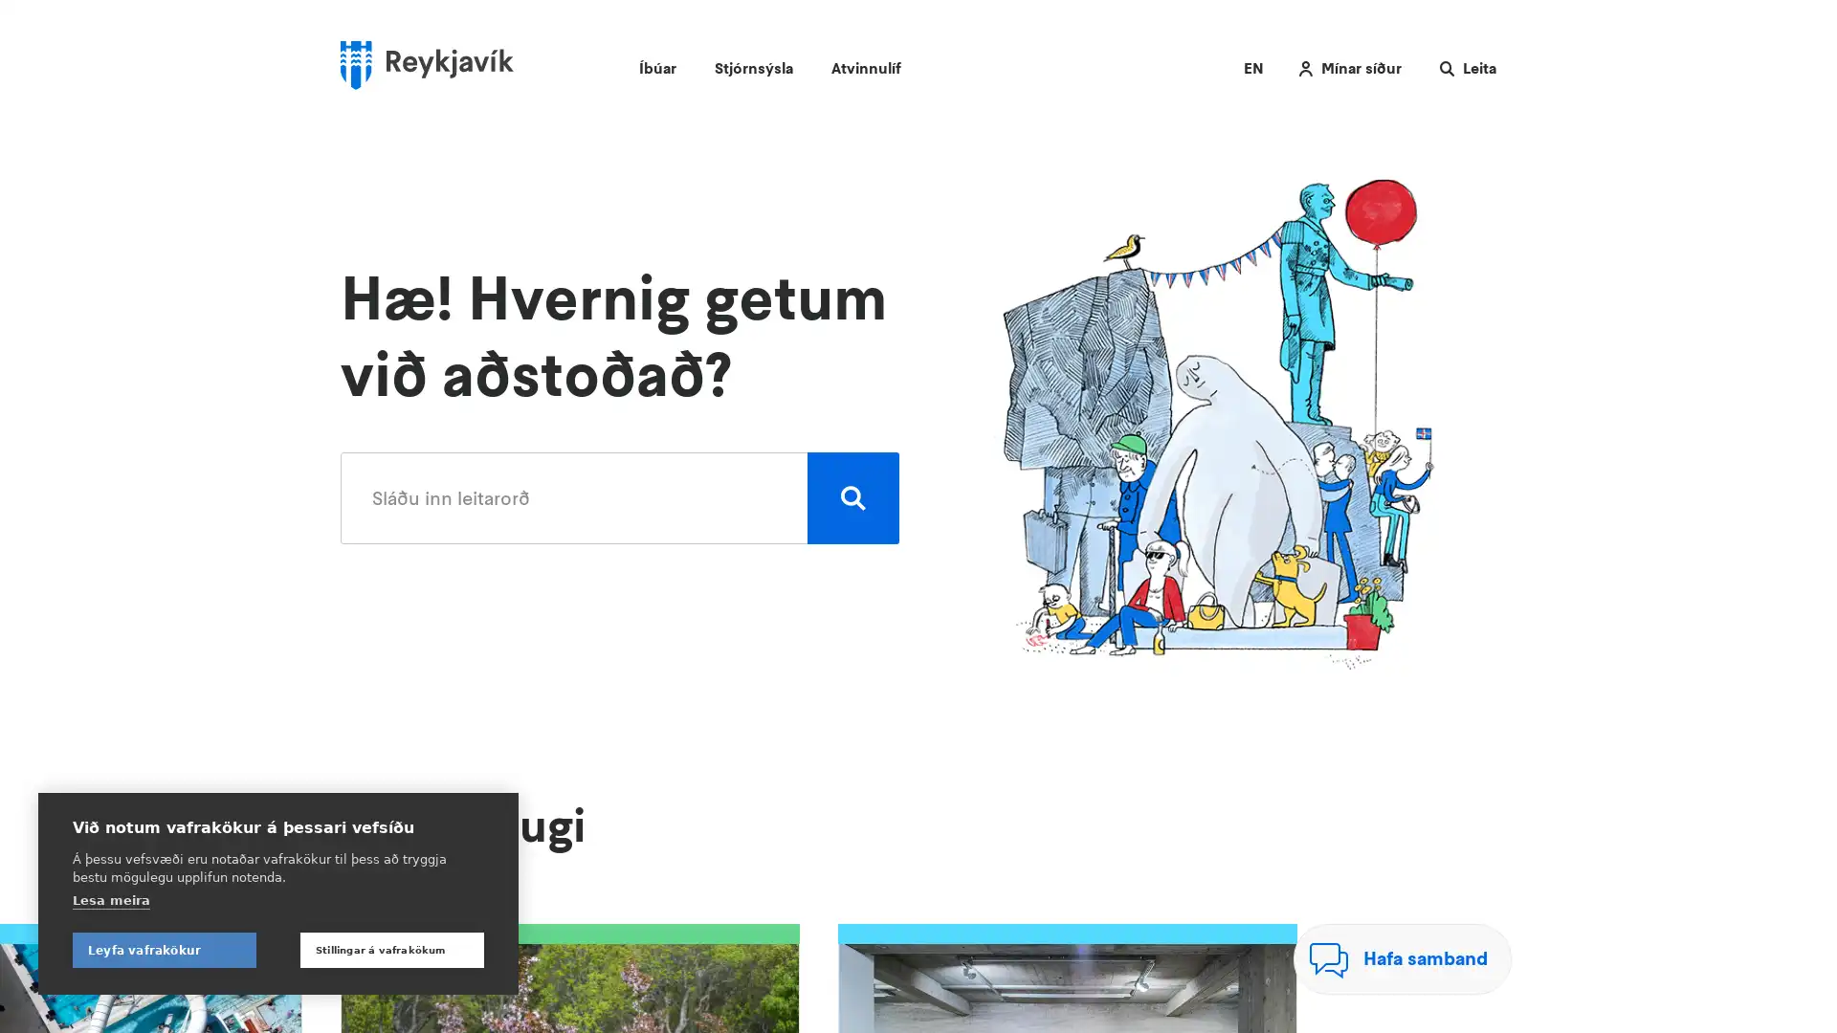  Describe the element at coordinates (657, 64) in the screenshot. I see `Ibuar` at that location.